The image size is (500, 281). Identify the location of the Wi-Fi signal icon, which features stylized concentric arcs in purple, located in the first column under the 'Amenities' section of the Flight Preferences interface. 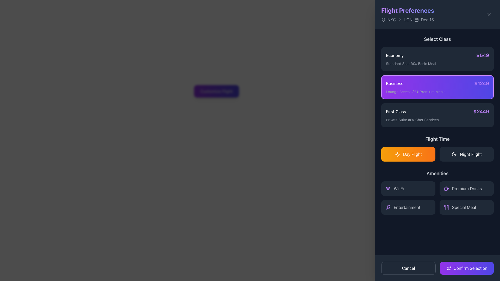
(388, 189).